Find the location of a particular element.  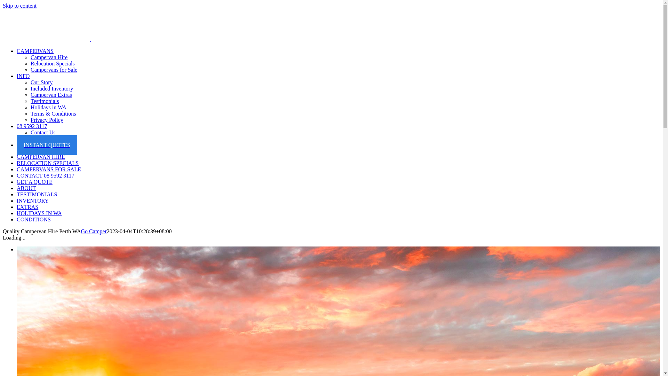

'GET A QUOTE' is located at coordinates (17, 181).